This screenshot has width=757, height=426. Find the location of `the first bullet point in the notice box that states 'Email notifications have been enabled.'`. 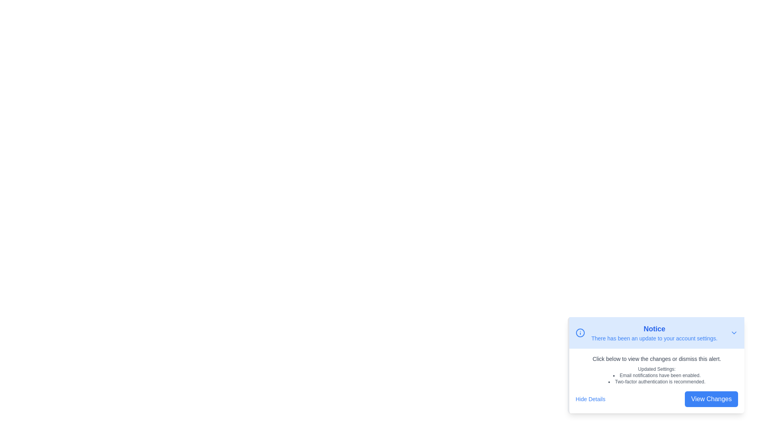

the first bullet point in the notice box that states 'Email notifications have been enabled.' is located at coordinates (656, 375).